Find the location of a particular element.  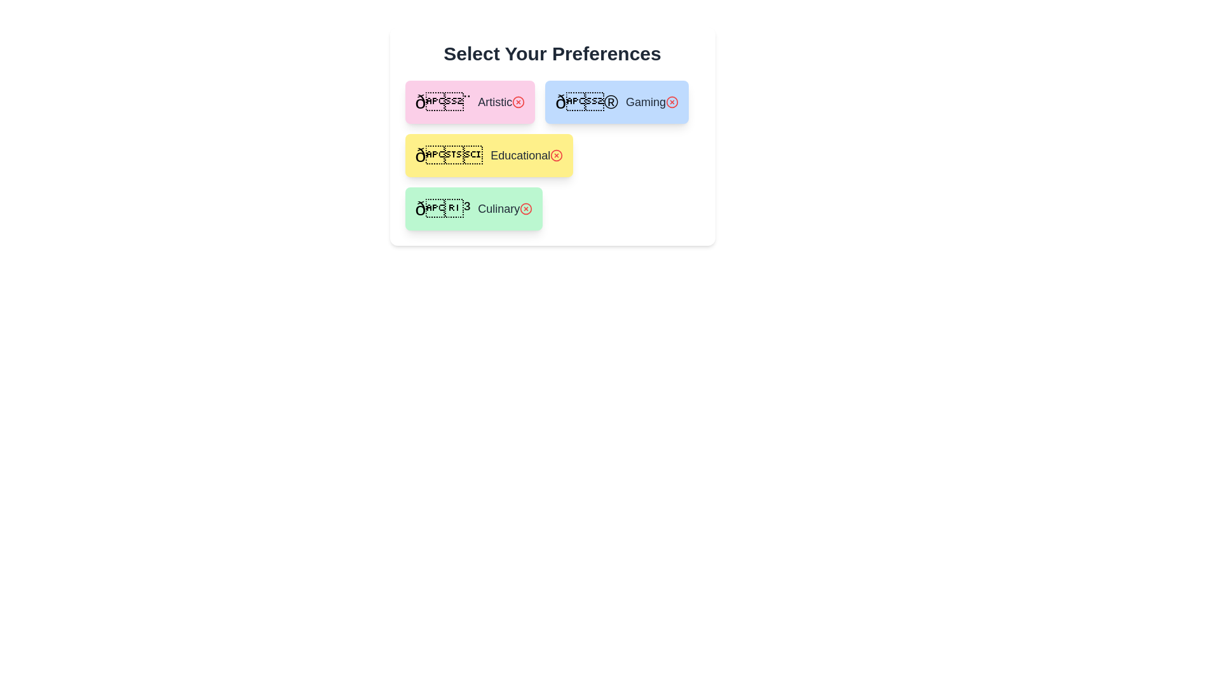

the preference Educational to view its details is located at coordinates (488, 155).